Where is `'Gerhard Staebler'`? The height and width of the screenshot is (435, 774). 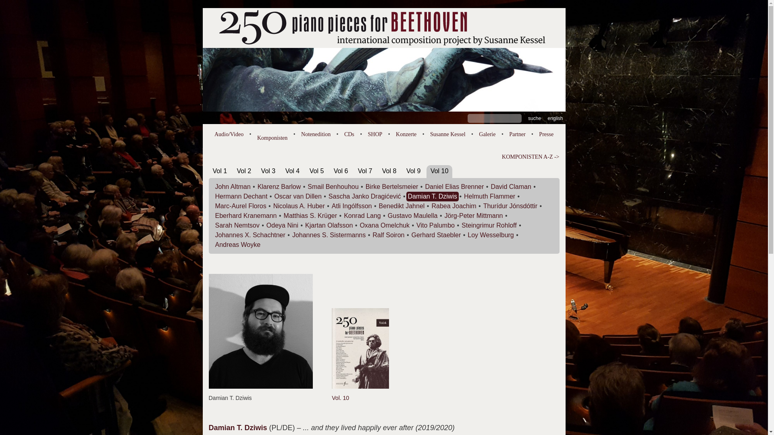 'Gerhard Staebler' is located at coordinates (436, 235).